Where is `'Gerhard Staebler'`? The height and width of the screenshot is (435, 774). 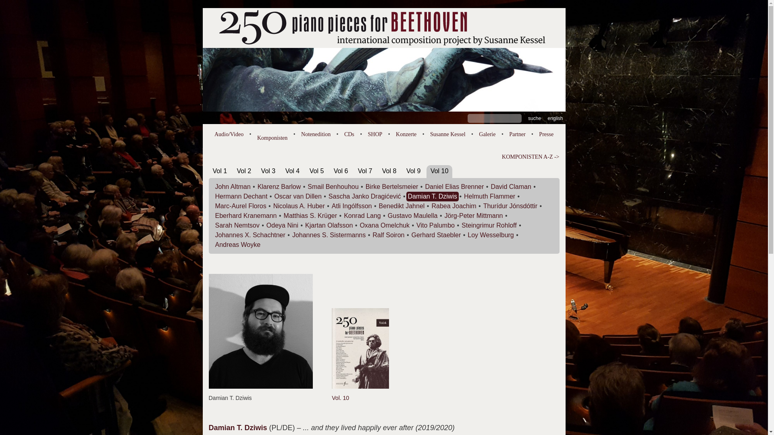 'Gerhard Staebler' is located at coordinates (436, 235).